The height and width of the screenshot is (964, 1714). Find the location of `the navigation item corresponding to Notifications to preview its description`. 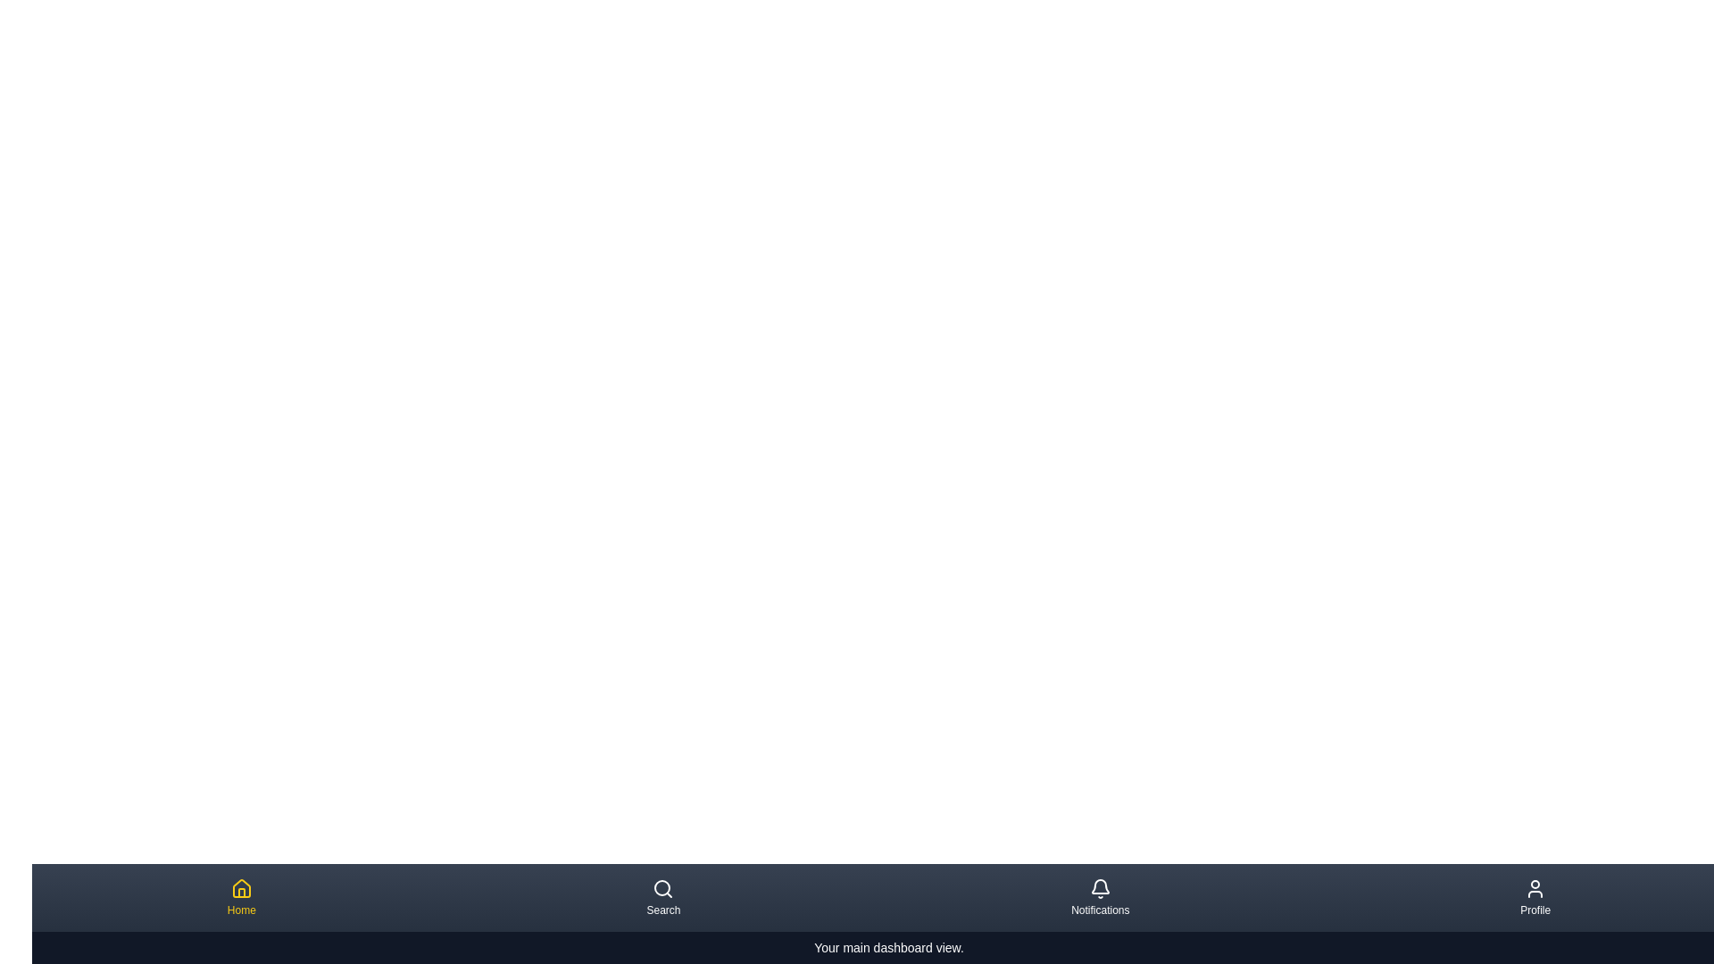

the navigation item corresponding to Notifications to preview its description is located at coordinates (1099, 898).